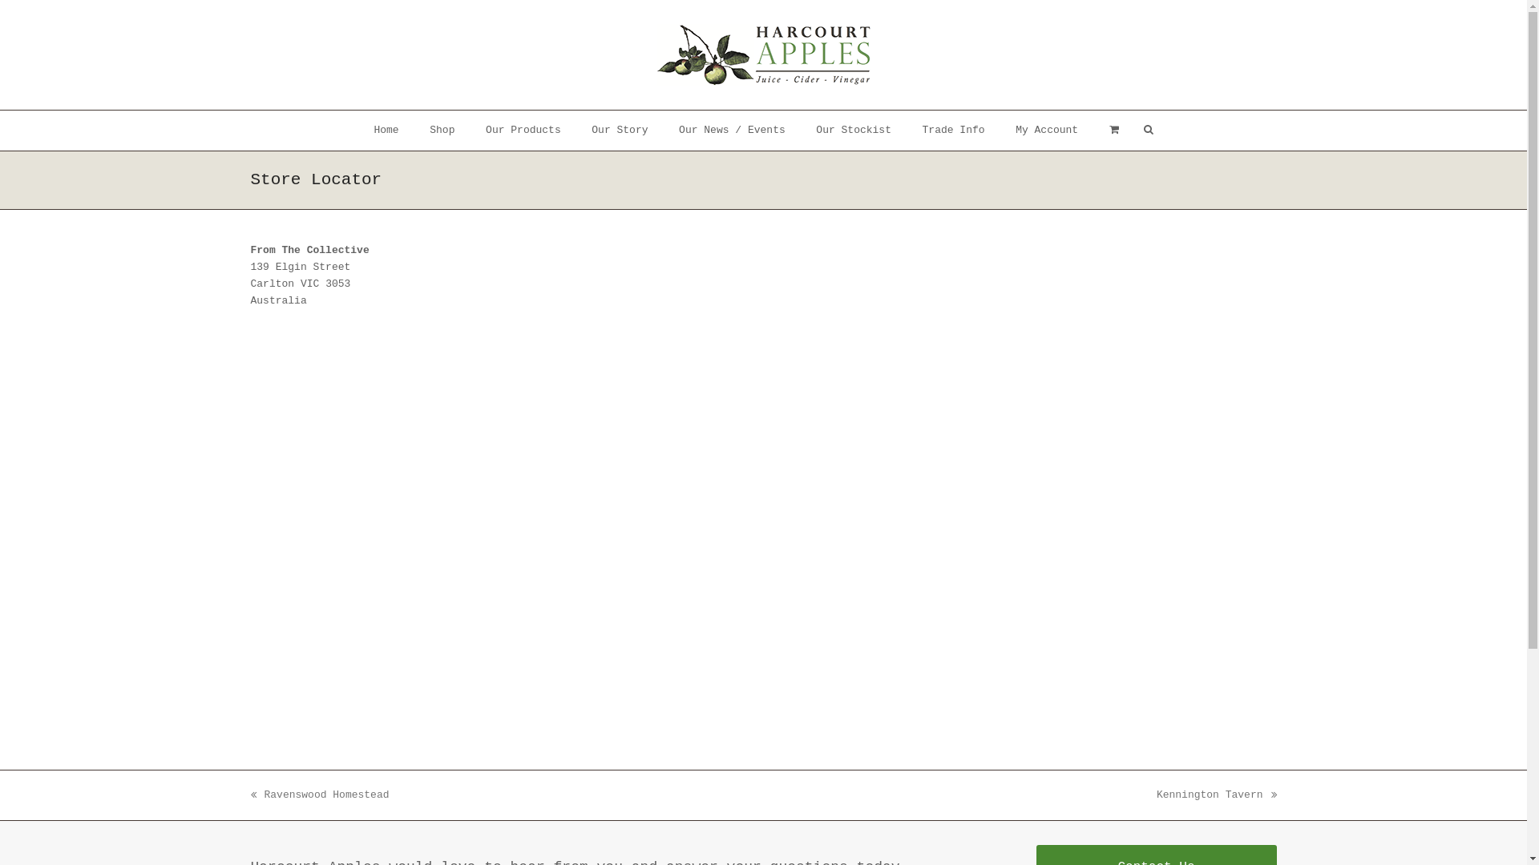 This screenshot has width=1539, height=865. I want to click on 'Trade Info', so click(953, 129).